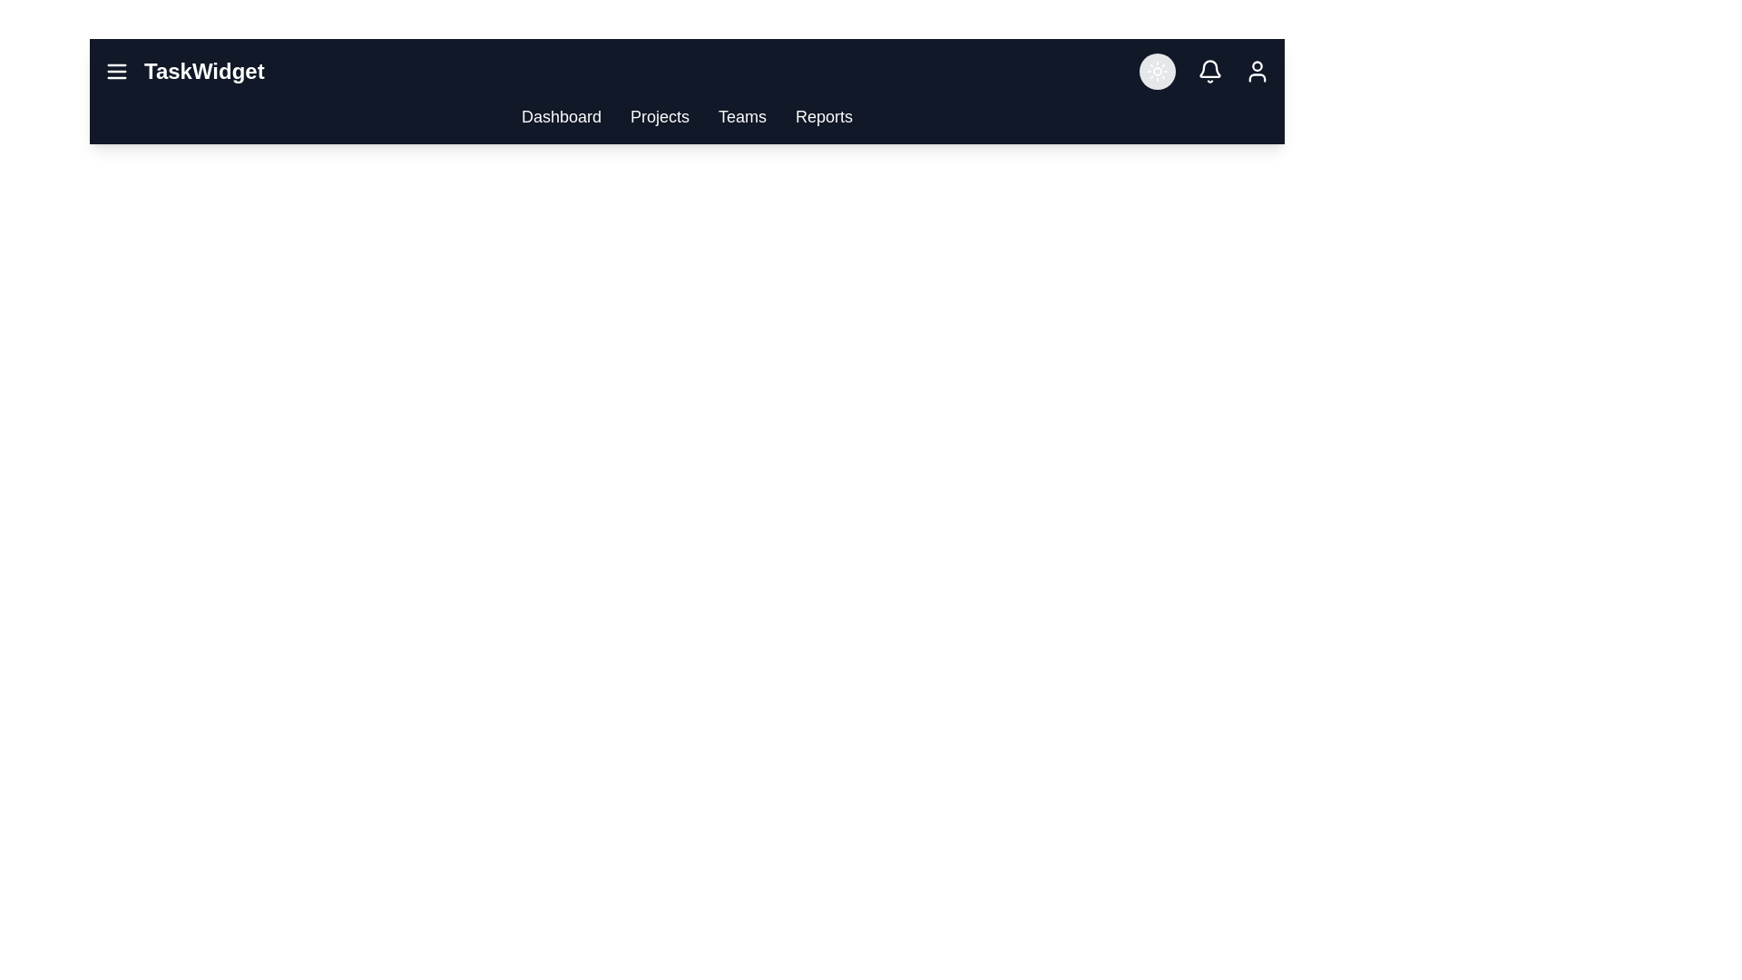 The width and height of the screenshot is (1742, 980). What do you see at coordinates (1157, 70) in the screenshot?
I see `the sun/moon icon to toggle the theme` at bounding box center [1157, 70].